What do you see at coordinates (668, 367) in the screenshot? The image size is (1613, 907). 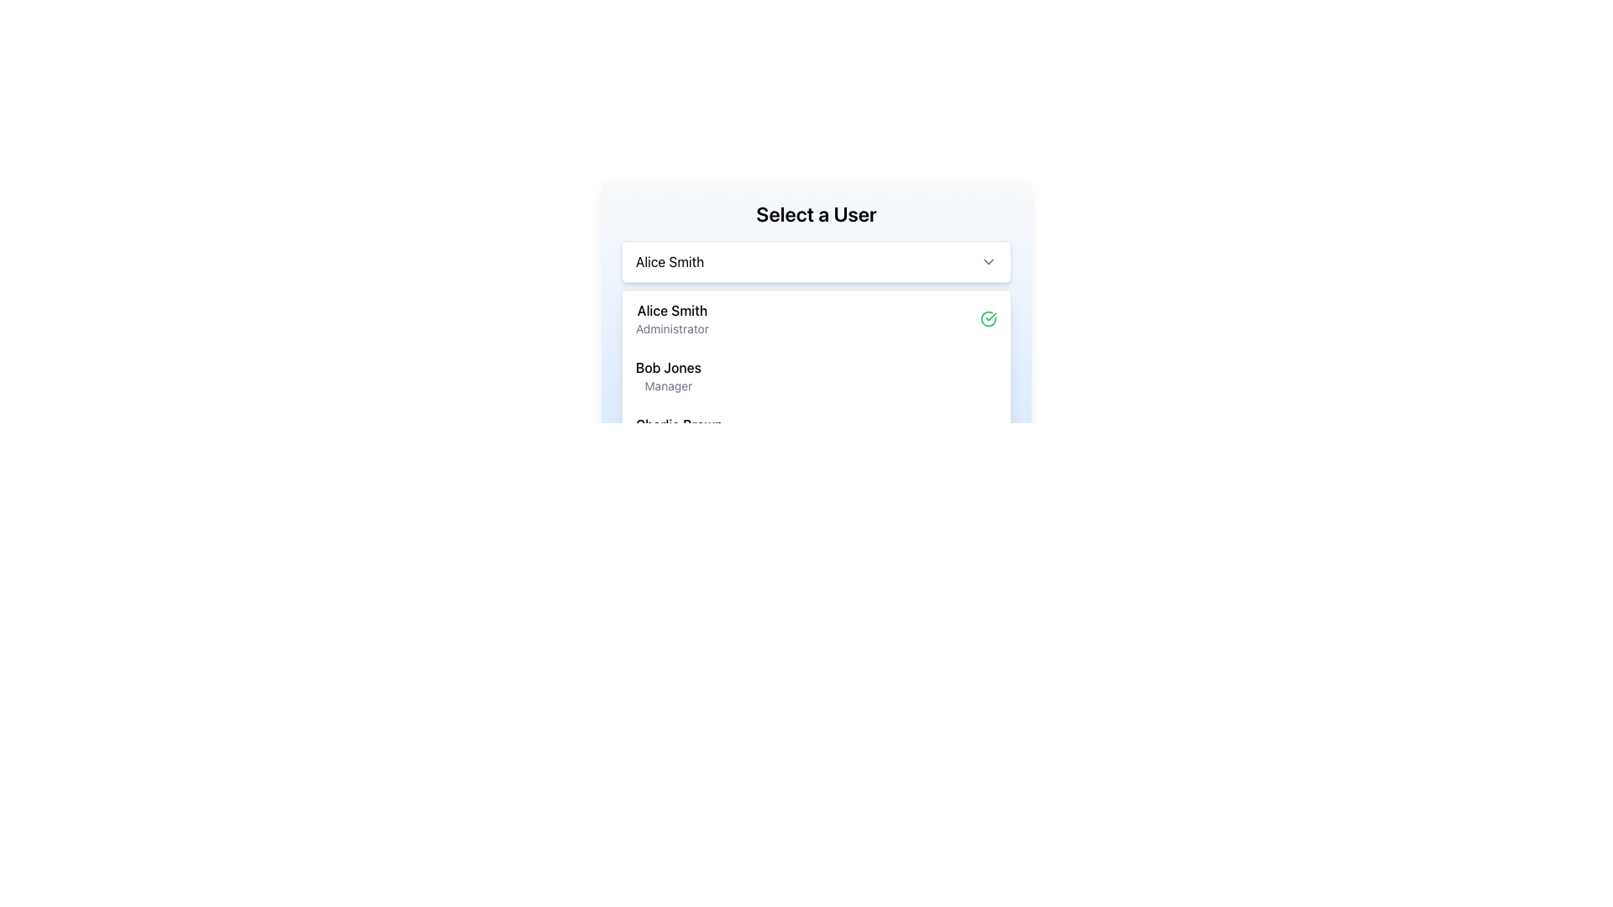 I see `the user name text label displaying 'Bob Jones' to highlight it` at bounding box center [668, 367].